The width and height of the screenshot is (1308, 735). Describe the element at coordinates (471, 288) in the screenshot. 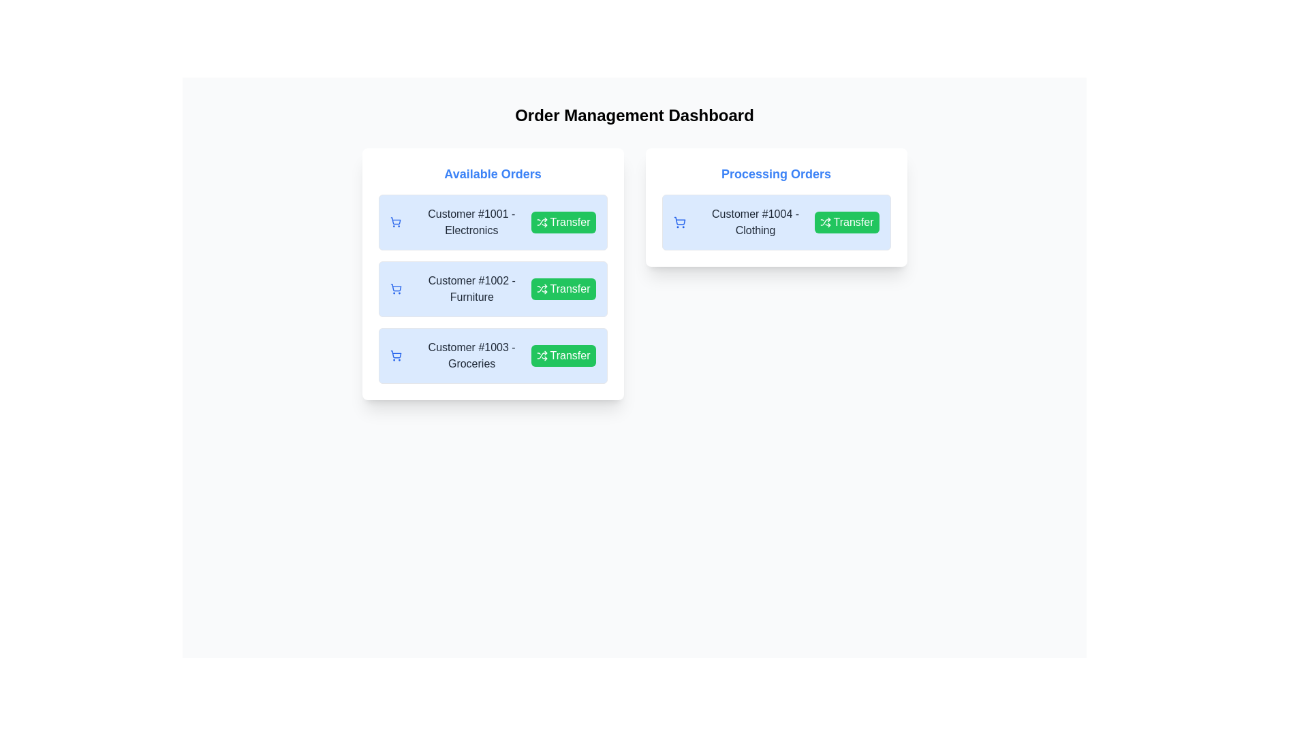

I see `the text label displaying 'Customer #1002 - Furniture' which is located centrally in the 'Available Orders' section, between a shopping cart icon and a green 'Transfer' button` at that location.